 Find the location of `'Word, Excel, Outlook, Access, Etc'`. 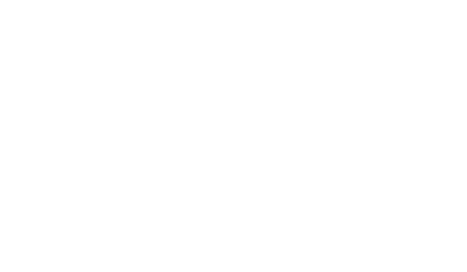

'Word, Excel, Outlook, Access, Etc' is located at coordinates (206, 181).